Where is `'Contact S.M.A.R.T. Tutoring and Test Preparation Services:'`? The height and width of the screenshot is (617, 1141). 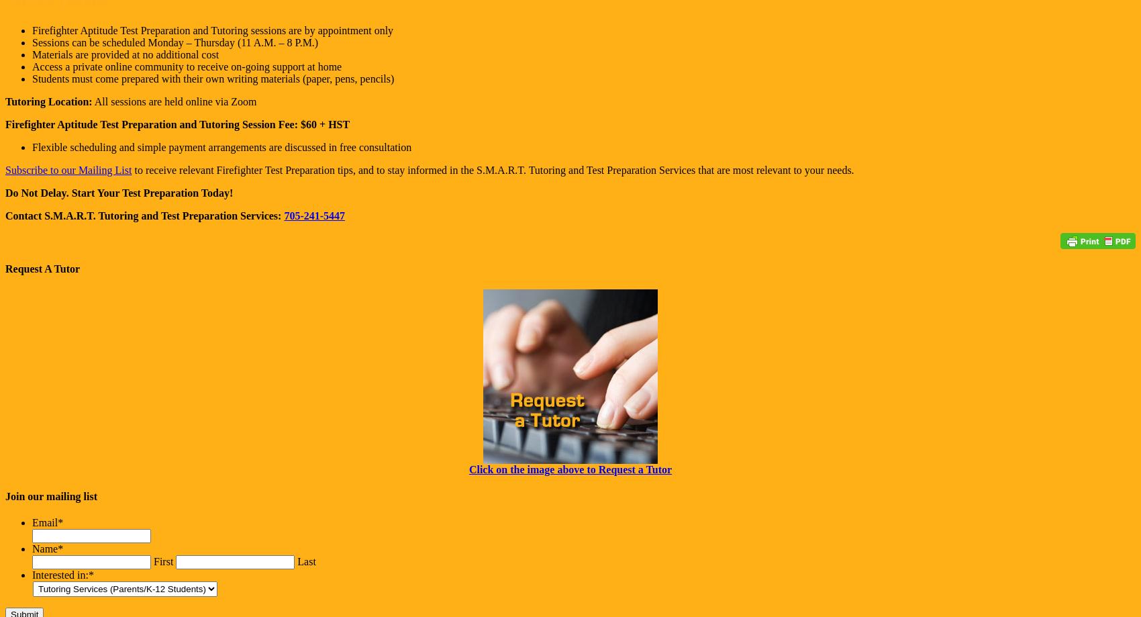
'Contact S.M.A.R.T. Tutoring and Test Preparation Services:' is located at coordinates (144, 214).